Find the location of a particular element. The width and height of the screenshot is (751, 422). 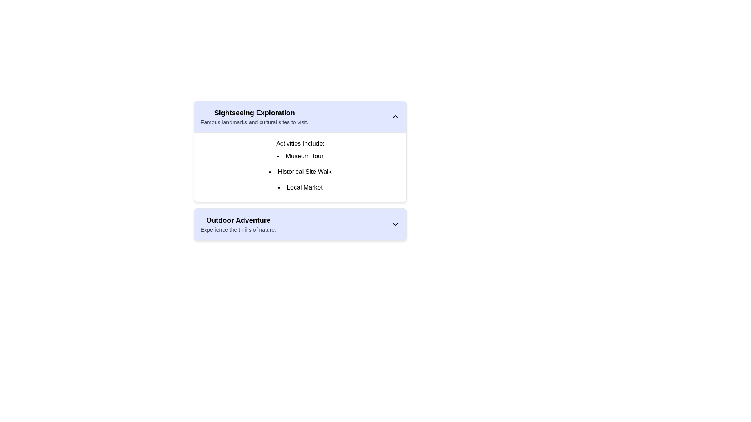

text of the third list item, 'Local Market', which is part of the 'Sightseeing Exploration' activities section is located at coordinates (300, 187).